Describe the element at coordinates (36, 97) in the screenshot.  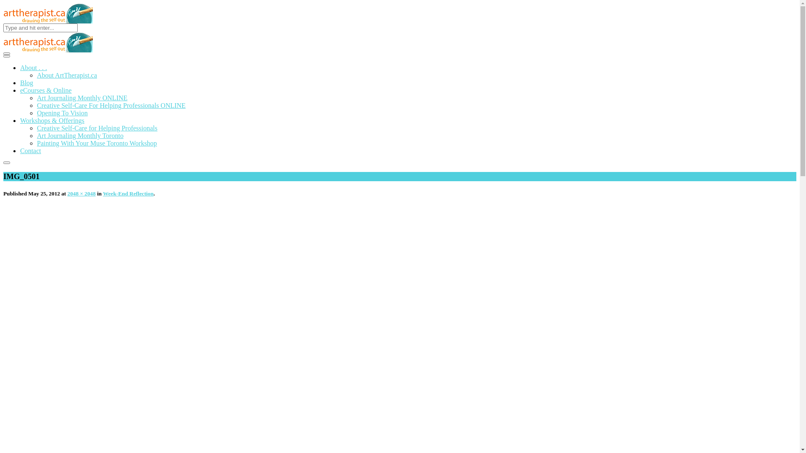
I see `'Art Journaling Monthly ONLINE'` at that location.